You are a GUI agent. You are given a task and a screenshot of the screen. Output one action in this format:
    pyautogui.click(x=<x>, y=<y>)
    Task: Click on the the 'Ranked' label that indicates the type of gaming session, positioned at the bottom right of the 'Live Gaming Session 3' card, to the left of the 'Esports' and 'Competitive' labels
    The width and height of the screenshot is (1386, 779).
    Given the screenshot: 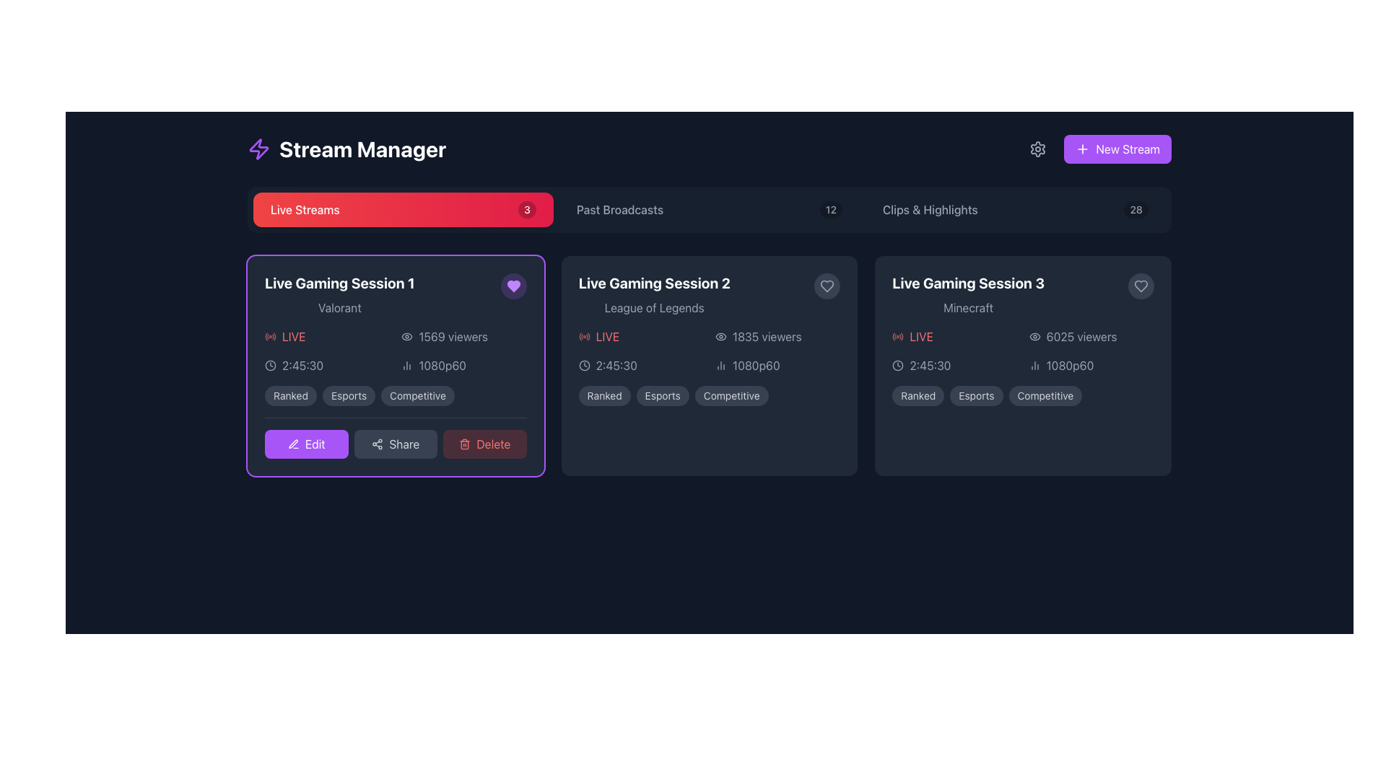 What is the action you would take?
    pyautogui.click(x=918, y=395)
    